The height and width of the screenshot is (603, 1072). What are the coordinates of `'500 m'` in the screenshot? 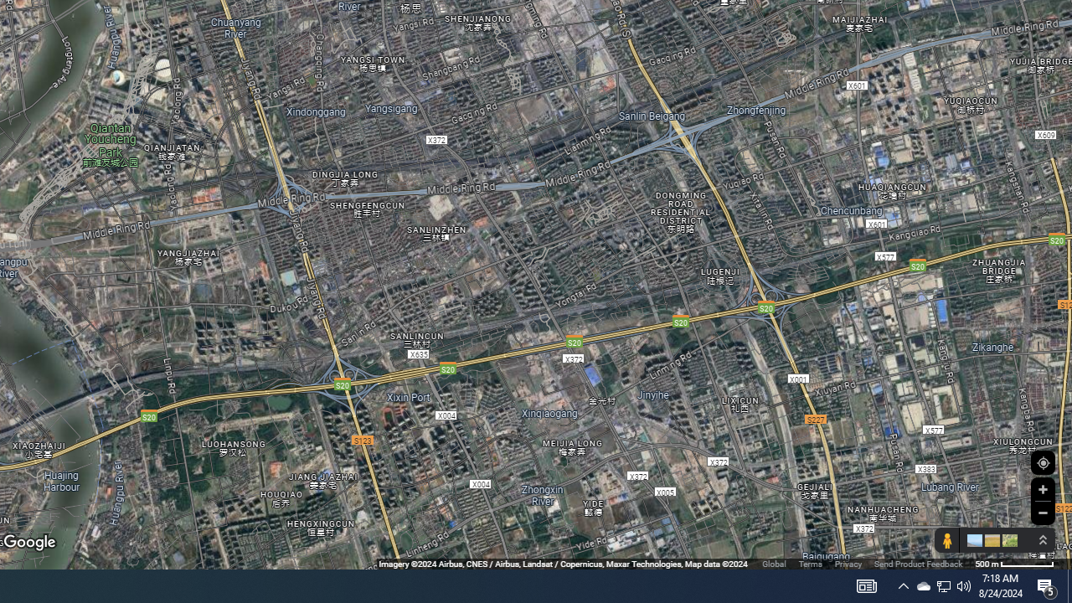 It's located at (1013, 564).